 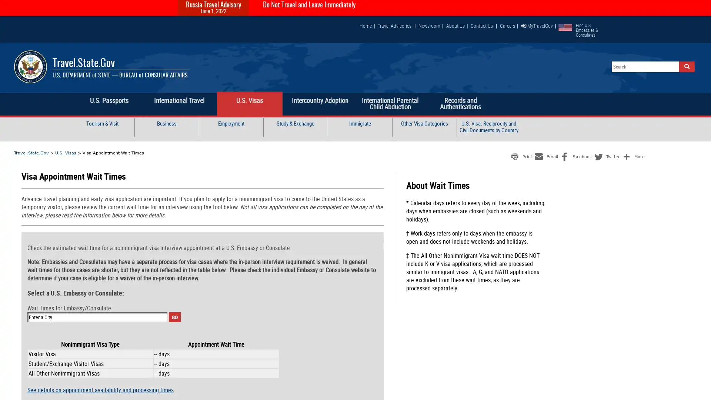 What do you see at coordinates (606, 156) in the screenshot?
I see `Share to Twitter Twitter` at bounding box center [606, 156].